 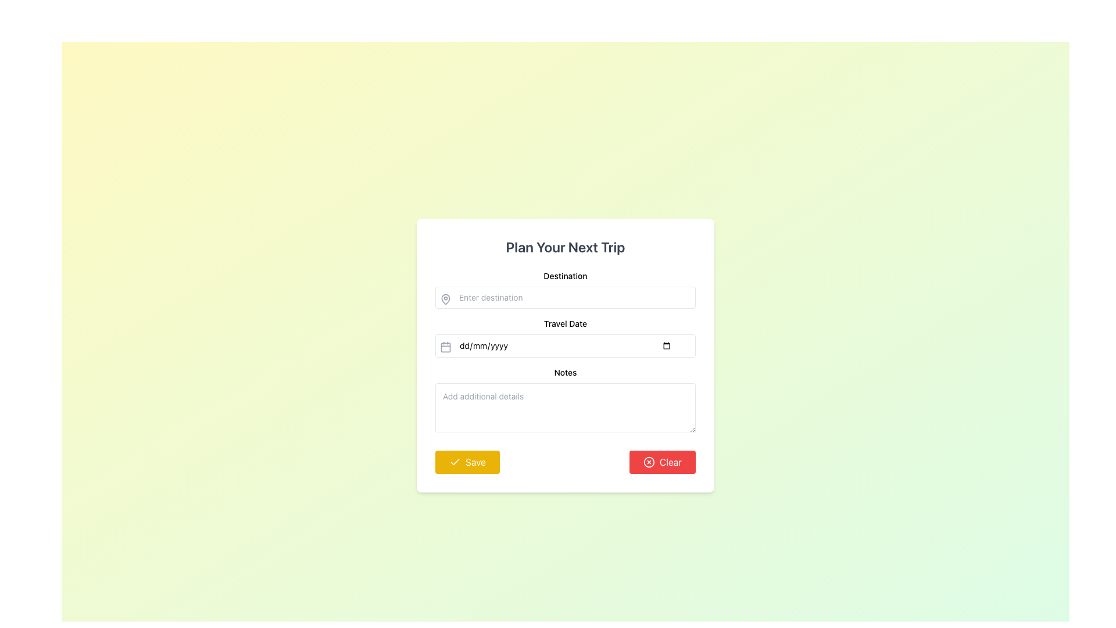 What do you see at coordinates (566, 276) in the screenshot?
I see `the 'Destination' text label which is styled in a small font and positioned above the 'Enter destination' input field, located near the top of the central form` at bounding box center [566, 276].